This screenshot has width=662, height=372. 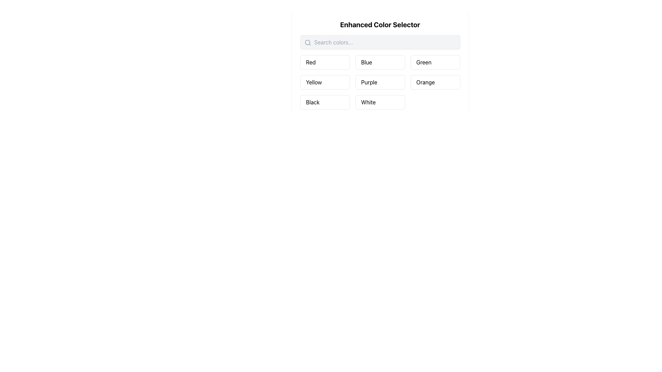 I want to click on the 'Blue' button, which is the second button in the top row of a grid layout containing color options, so click(x=380, y=62).